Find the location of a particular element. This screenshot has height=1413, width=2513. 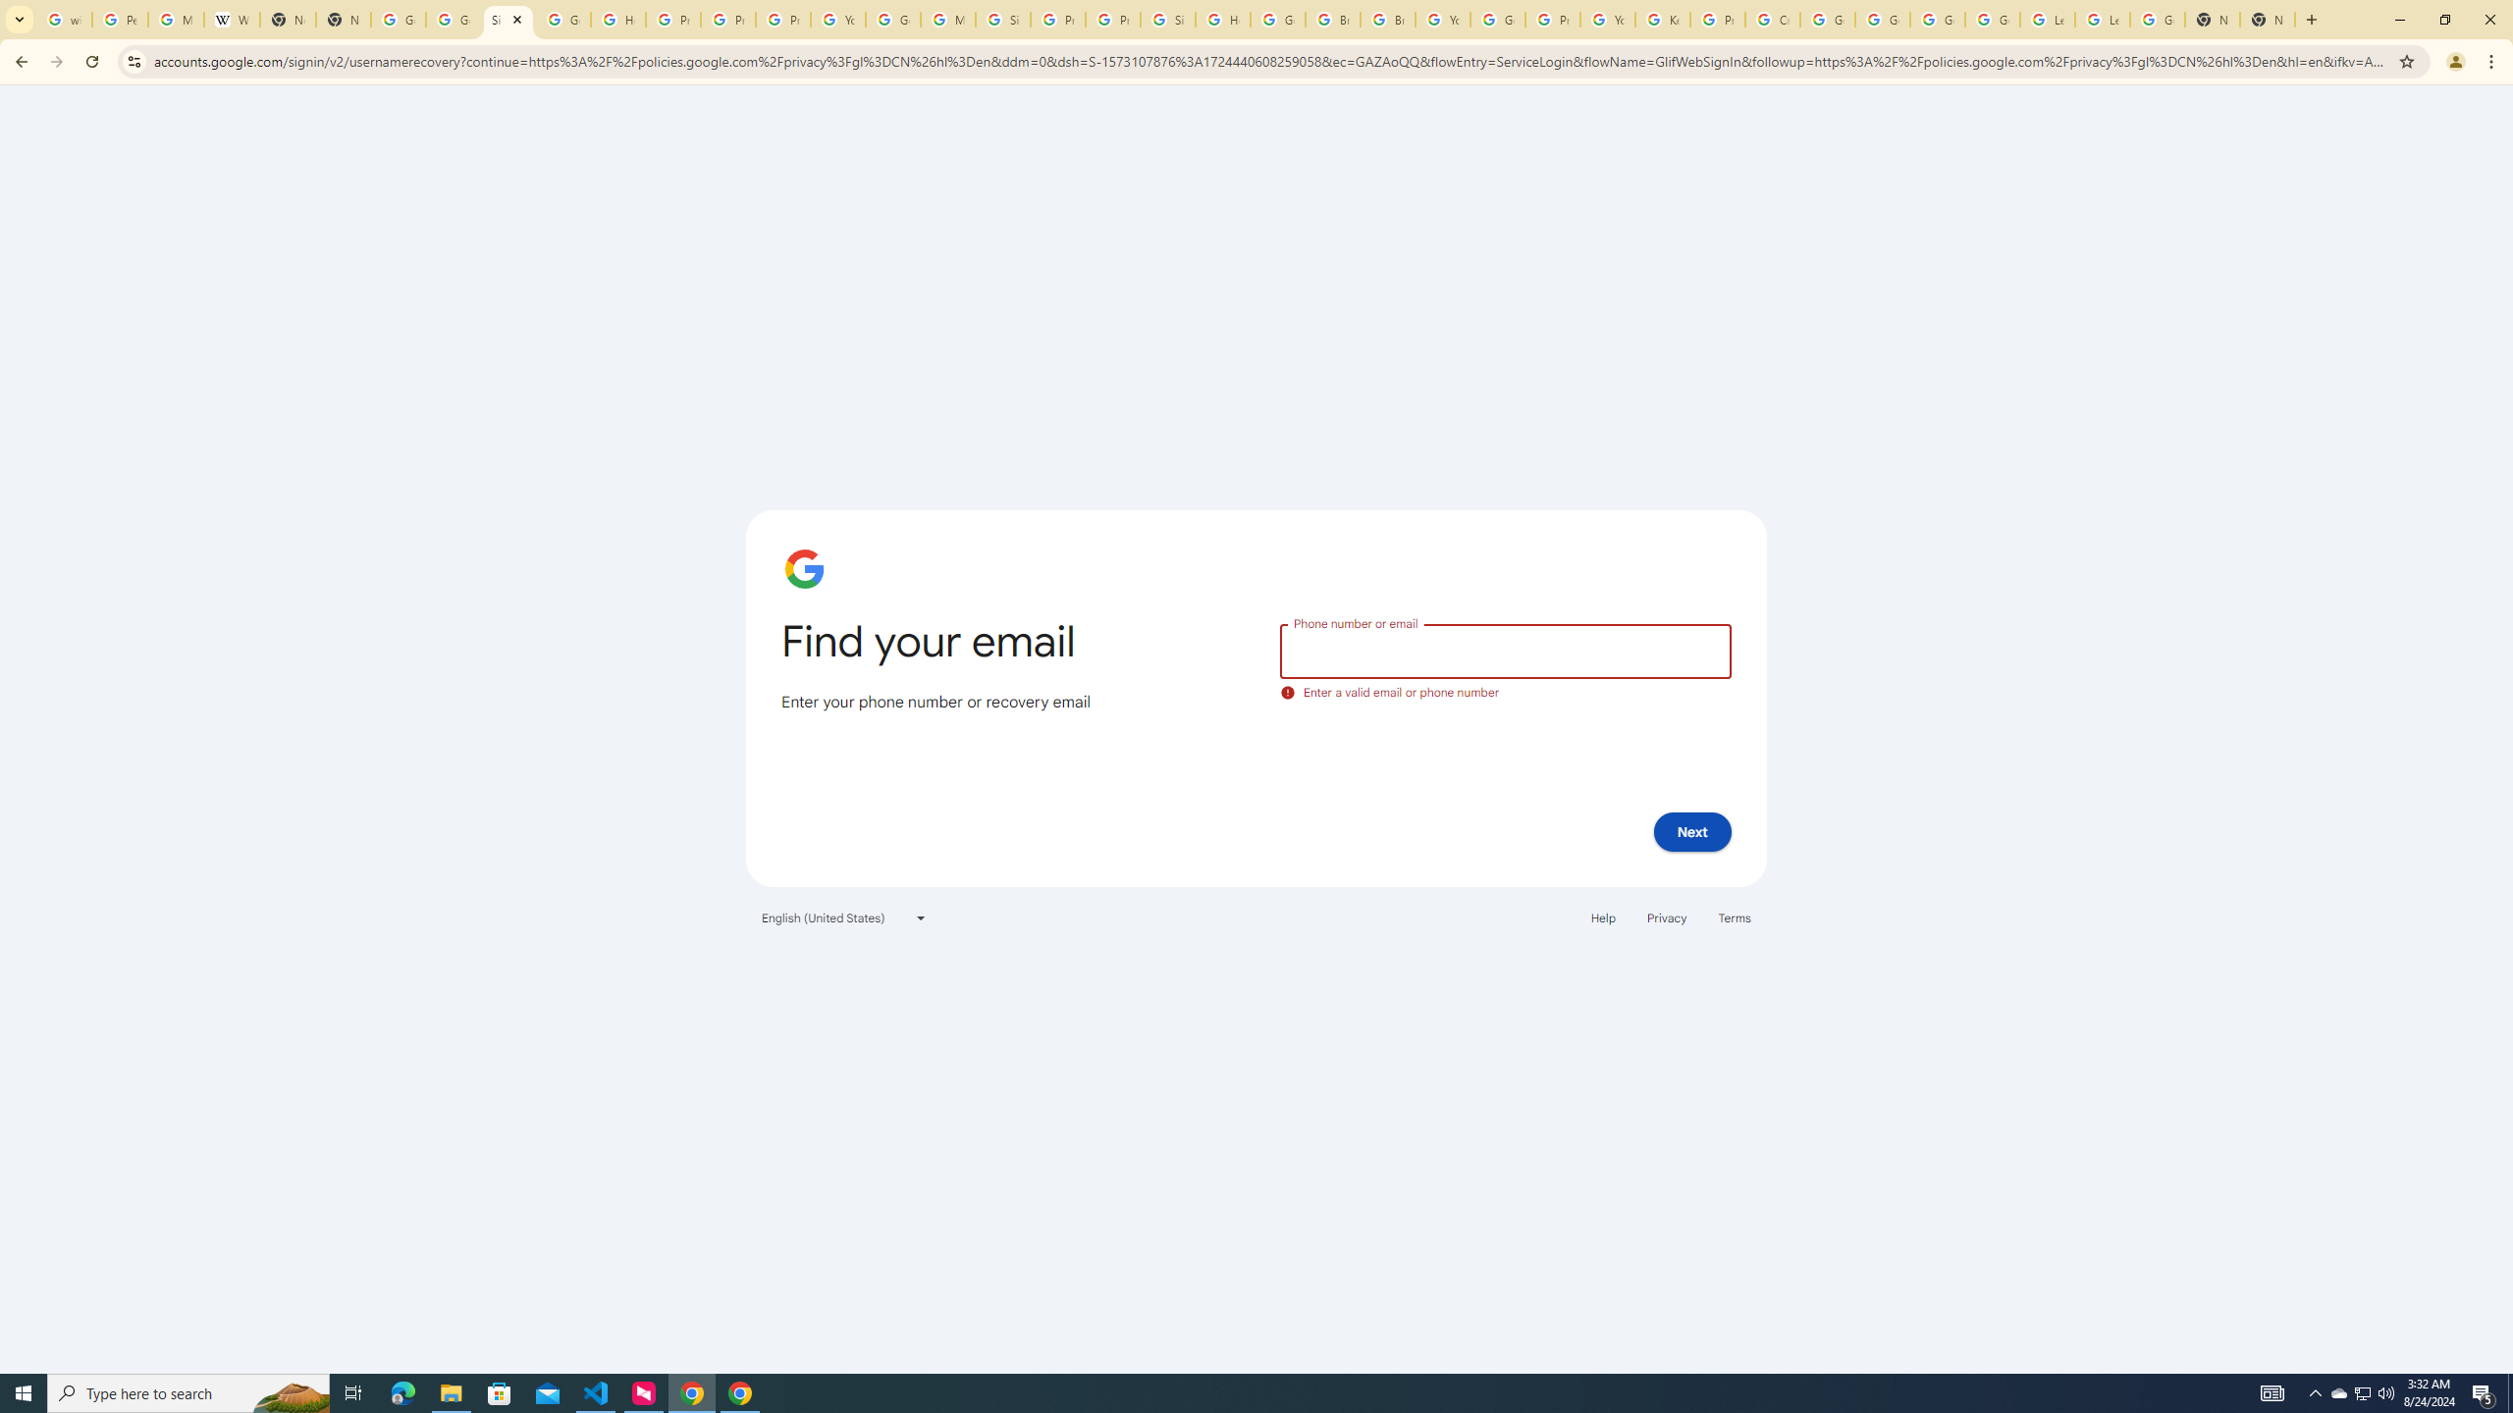

'Phone number or email' is located at coordinates (1504, 650).